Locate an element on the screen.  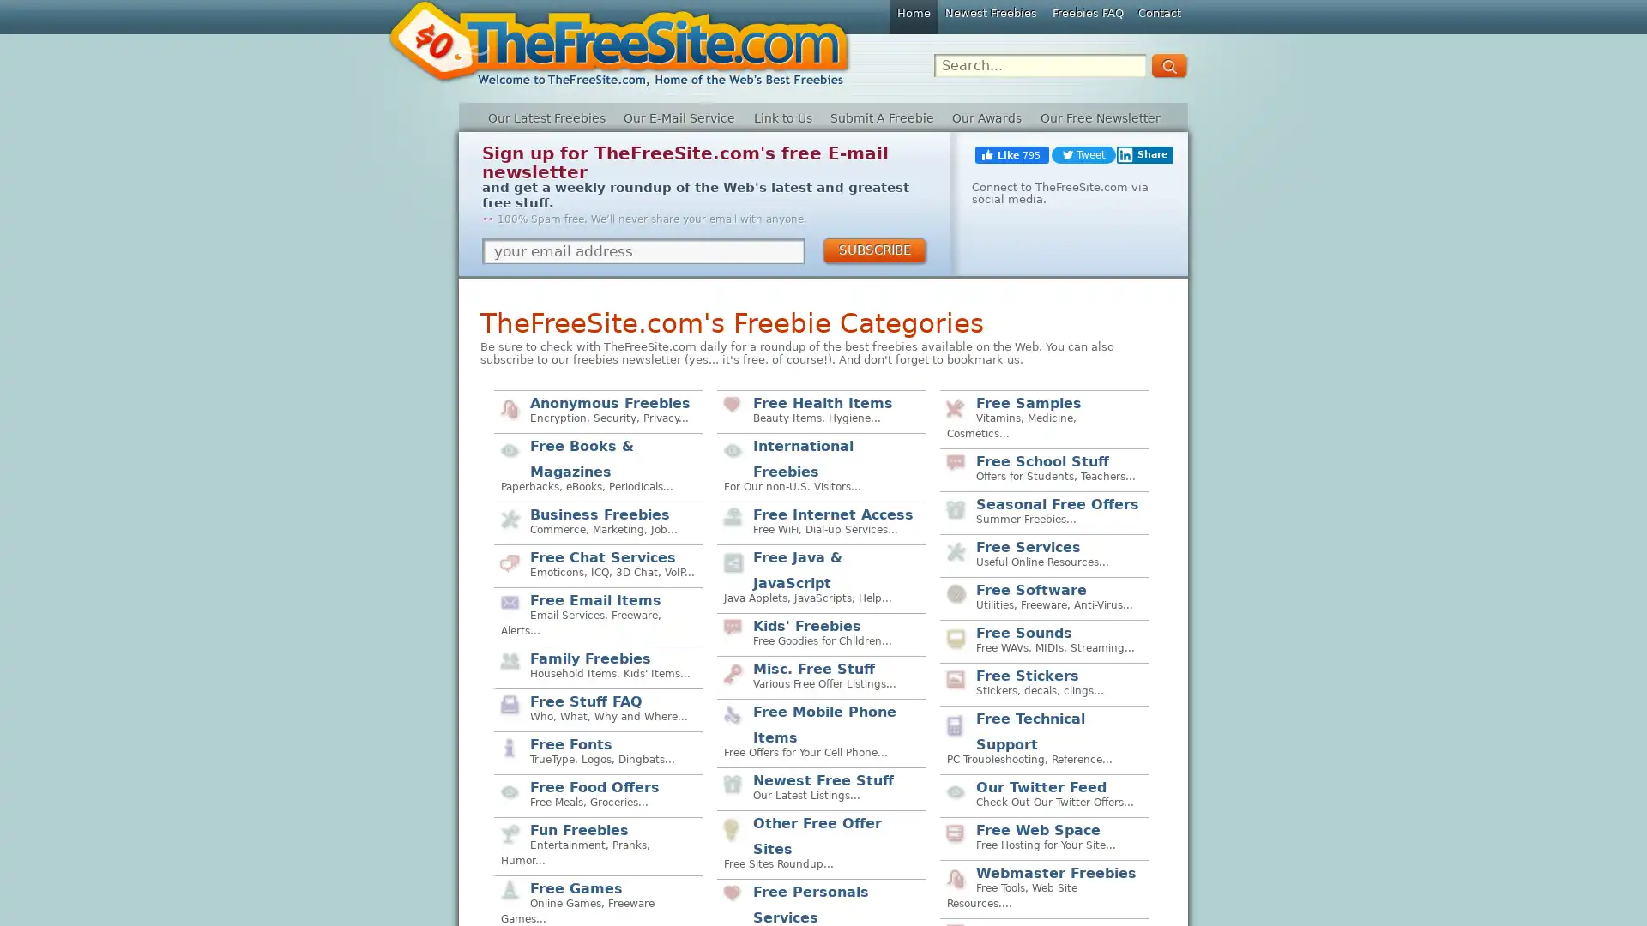
Share is located at coordinates (1144, 155).